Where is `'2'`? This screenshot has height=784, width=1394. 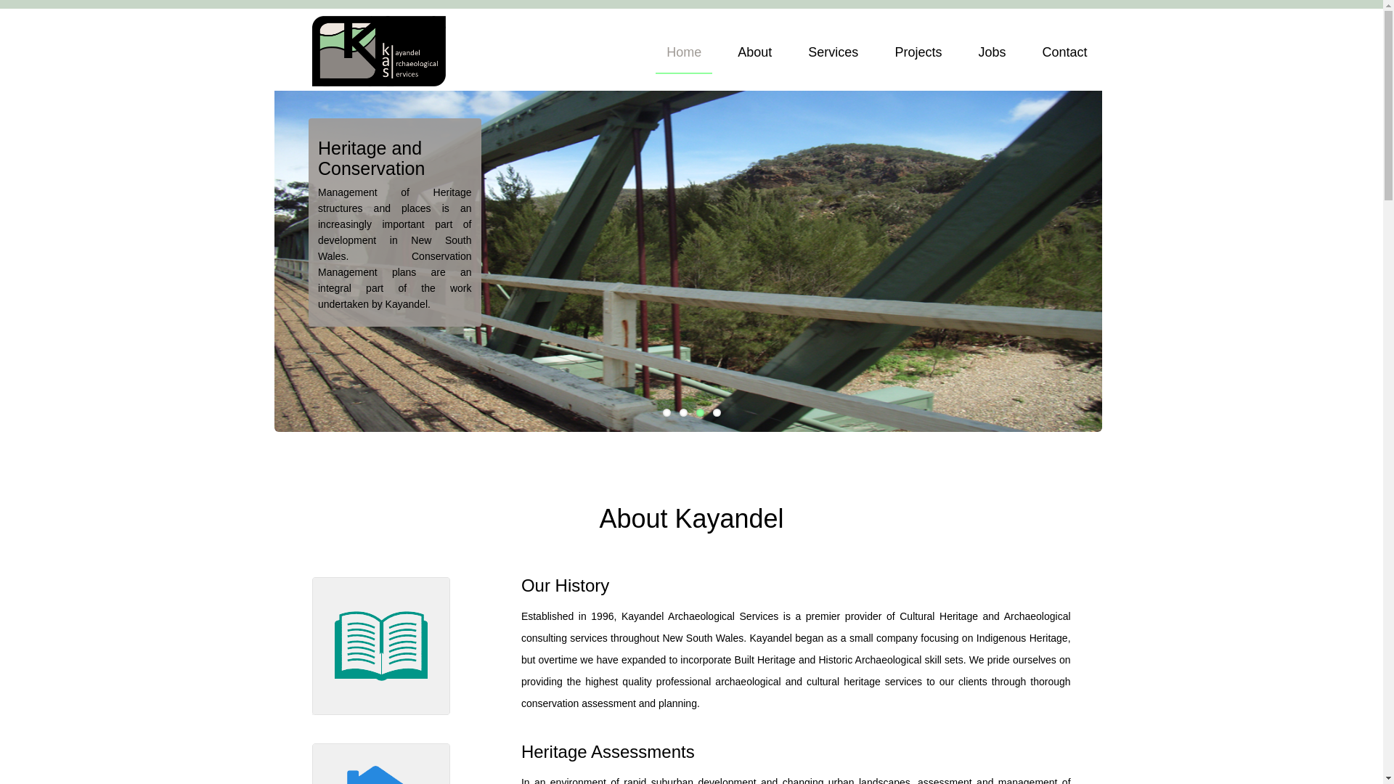
'2' is located at coordinates (682, 412).